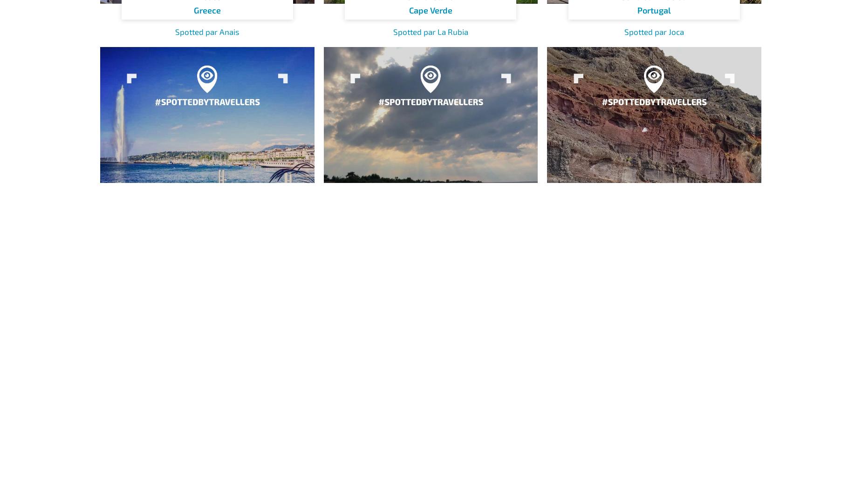 This screenshot has width=862, height=500. I want to click on 'Spotted par LilyRose', so click(430, 289).